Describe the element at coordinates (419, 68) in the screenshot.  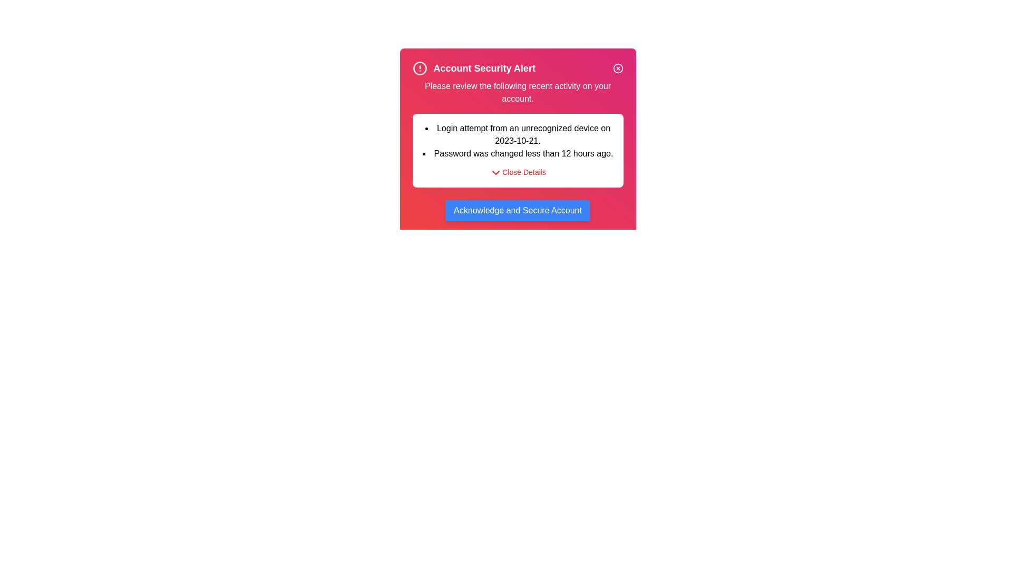
I see `the SVG circle inside the alert icon that indicates an 'Account Security Alert' in the top-left corner of the alert box` at that location.